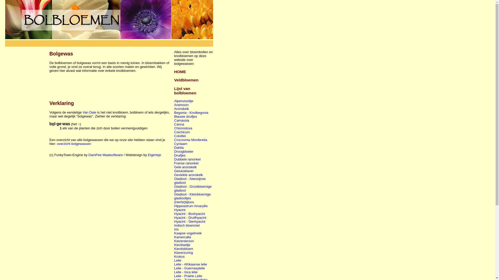 The image size is (499, 280). I want to click on 'Droogbloeier', so click(183, 151).